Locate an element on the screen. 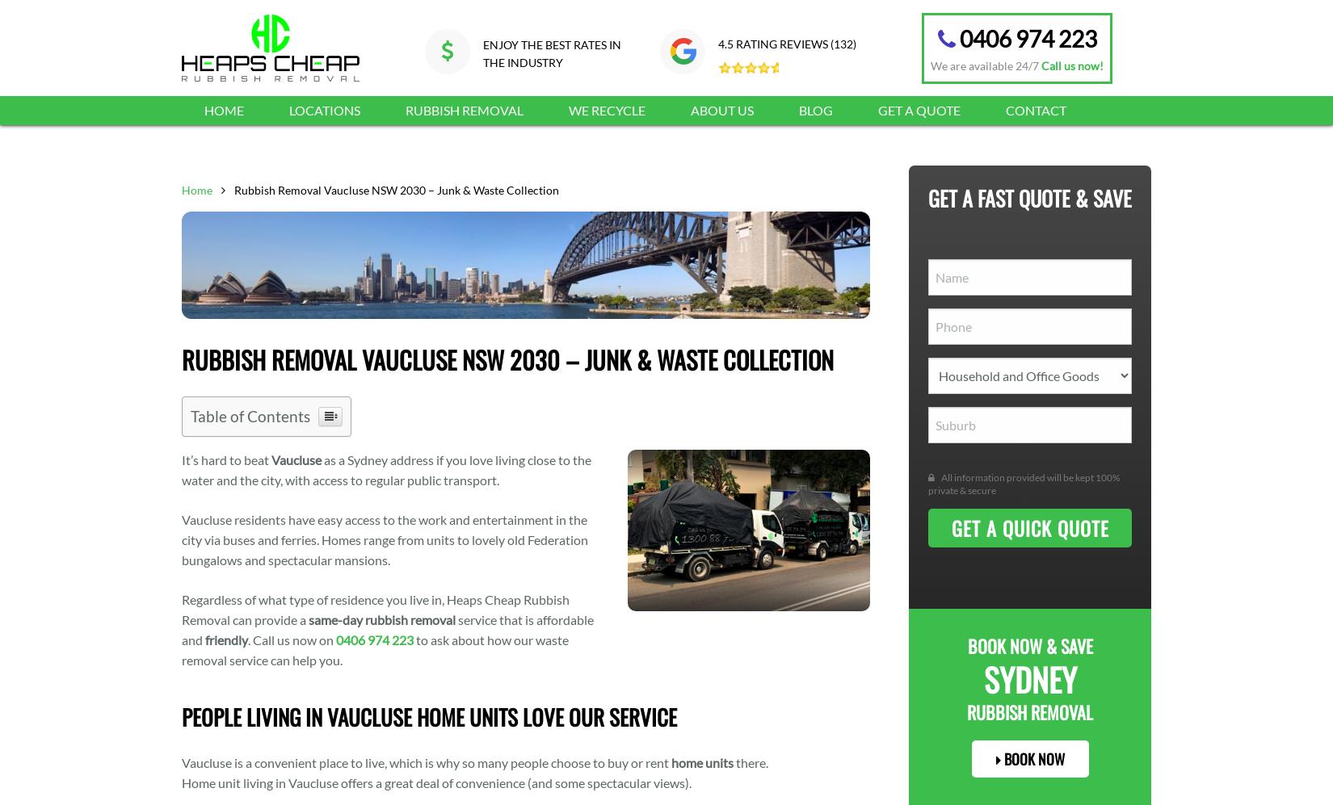 This screenshot has height=805, width=1333. 'About Us' is located at coordinates (691, 110).